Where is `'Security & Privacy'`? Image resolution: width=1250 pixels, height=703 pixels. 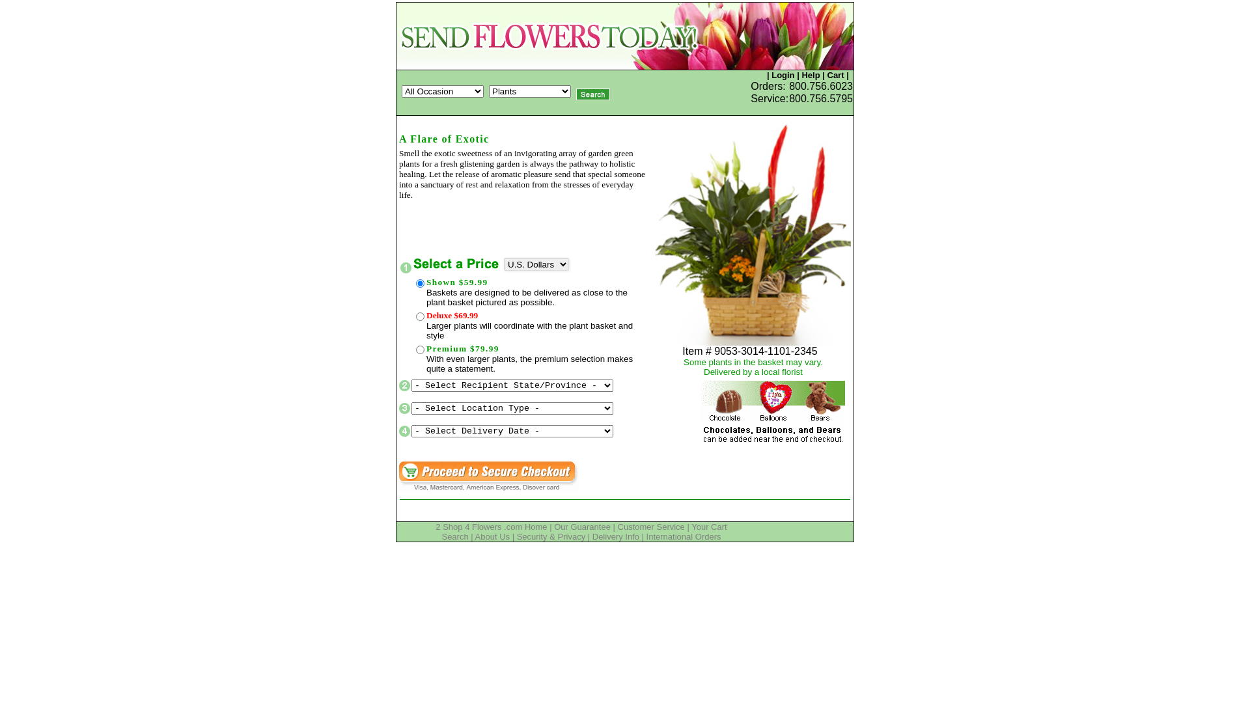
'Security & Privacy' is located at coordinates (551, 536).